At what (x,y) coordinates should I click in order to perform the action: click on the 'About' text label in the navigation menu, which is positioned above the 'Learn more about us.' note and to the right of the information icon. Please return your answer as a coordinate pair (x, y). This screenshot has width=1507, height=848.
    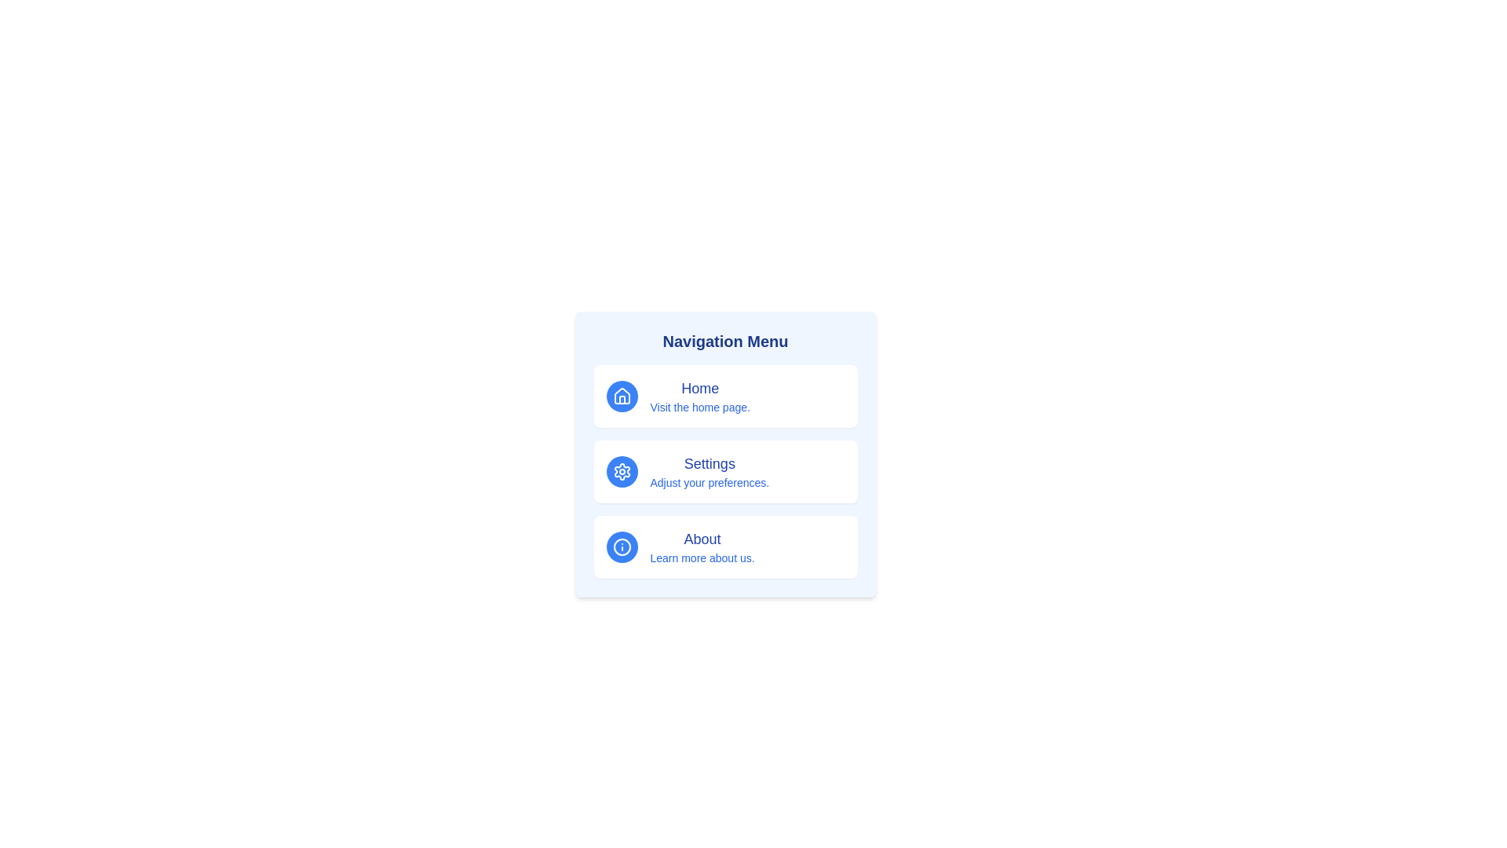
    Looking at the image, I should click on (702, 538).